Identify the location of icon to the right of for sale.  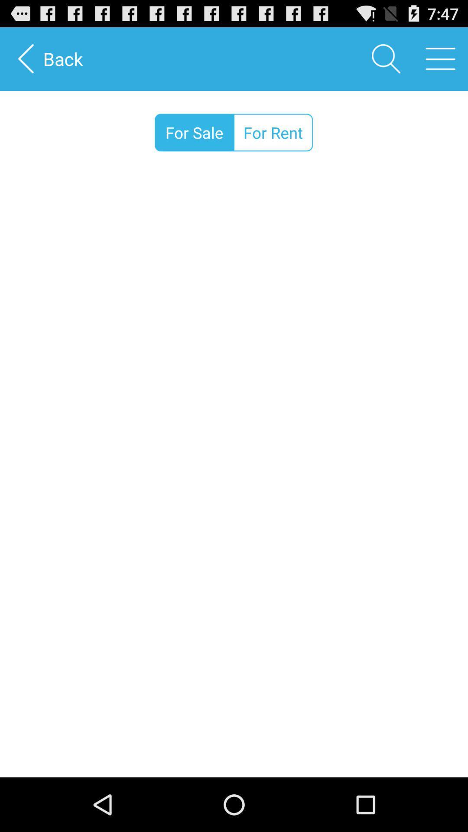
(273, 132).